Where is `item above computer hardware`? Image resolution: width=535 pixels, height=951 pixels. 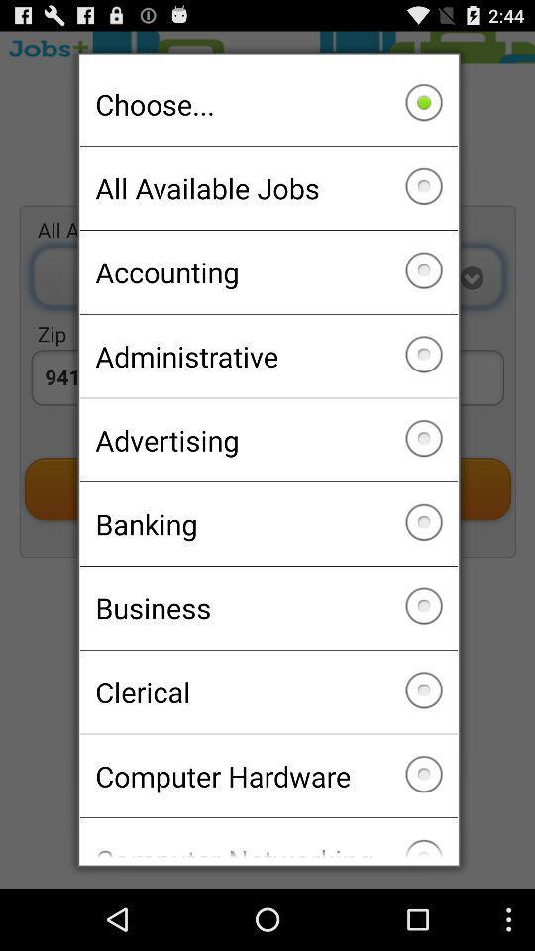 item above computer hardware is located at coordinates (267, 691).